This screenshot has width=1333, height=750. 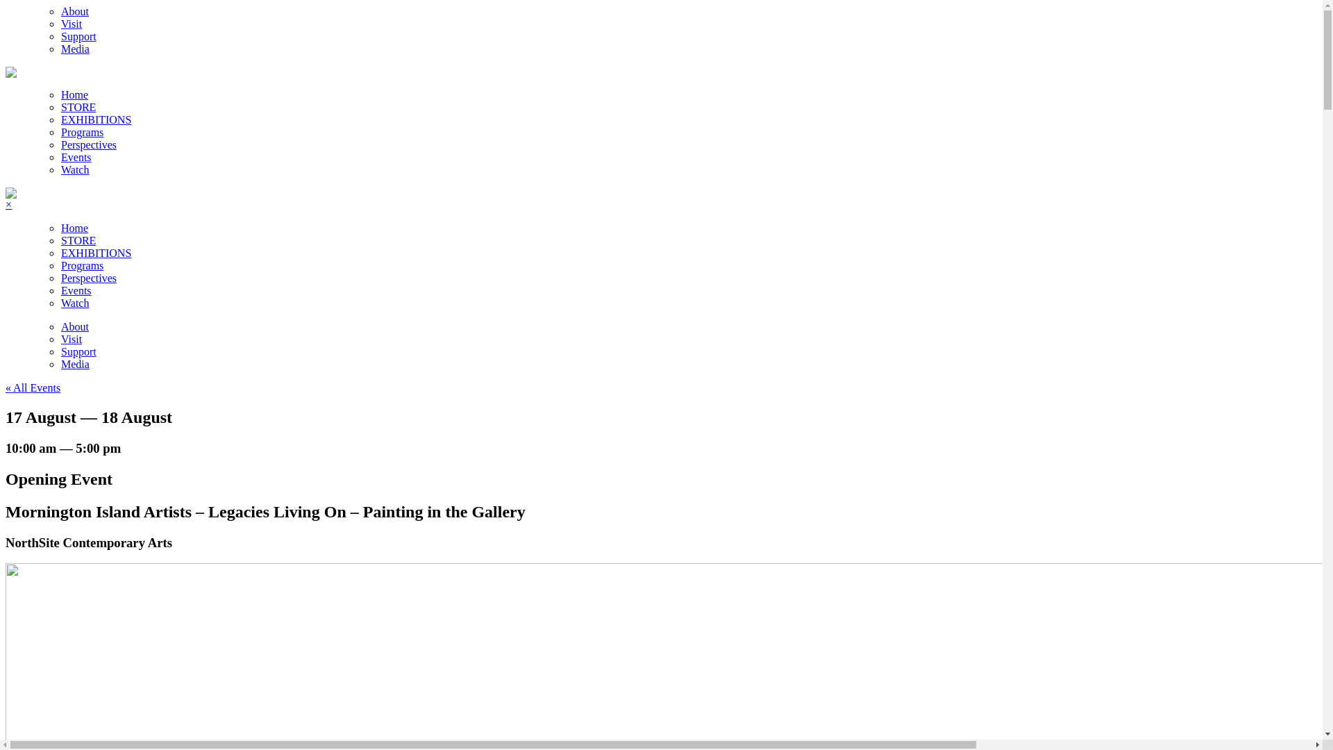 I want to click on 'Programs', so click(x=81, y=132).